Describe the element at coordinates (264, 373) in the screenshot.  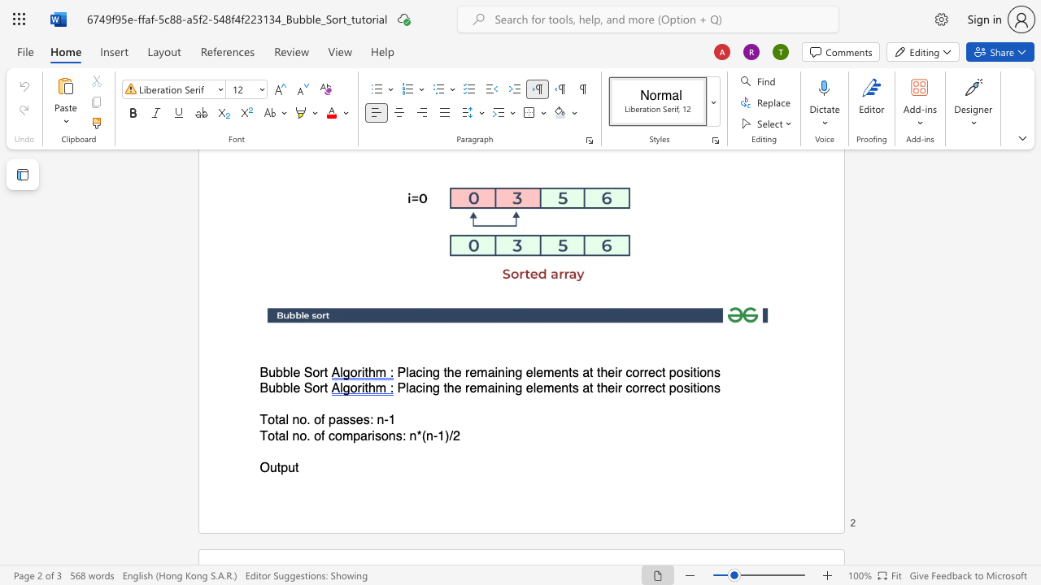
I see `the 1th character "B" in the text` at that location.